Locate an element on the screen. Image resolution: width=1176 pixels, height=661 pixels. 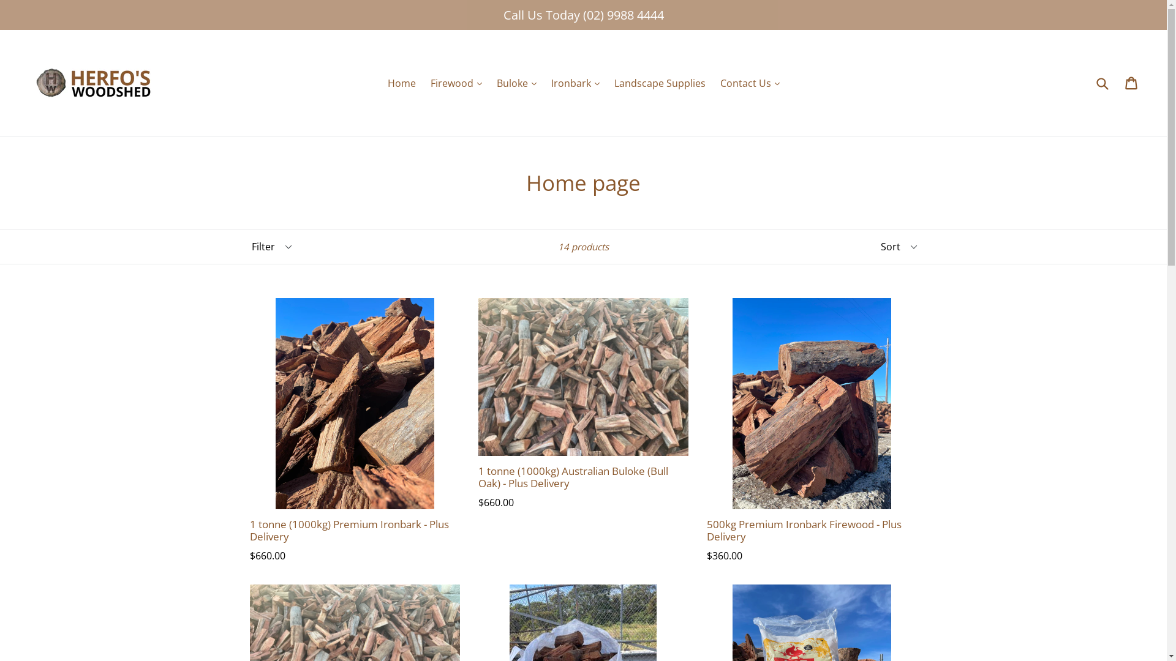
'Home' is located at coordinates (401, 83).